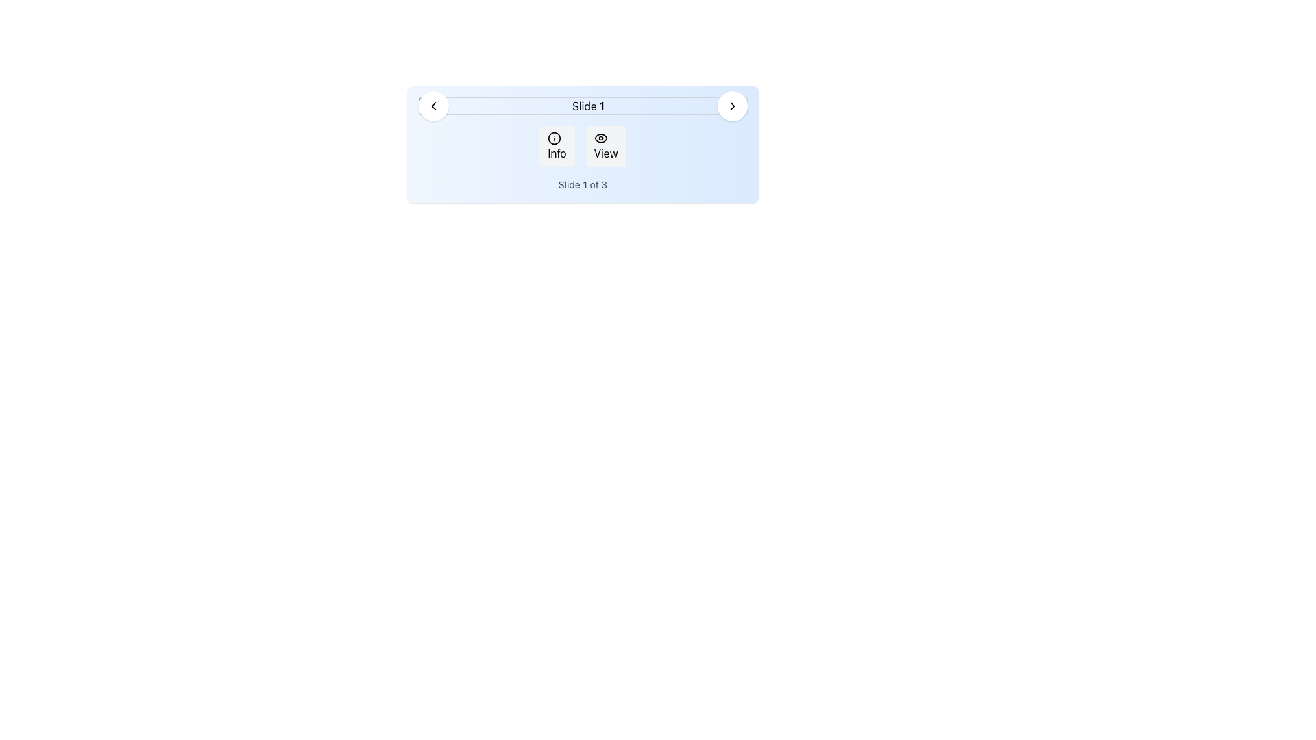 The height and width of the screenshot is (740, 1316). Describe the element at coordinates (731, 105) in the screenshot. I see `the navigation chevron located in the rightmost circular button of the top navigation area of the blue-tinted card labeled 'Slide 1'` at that location.